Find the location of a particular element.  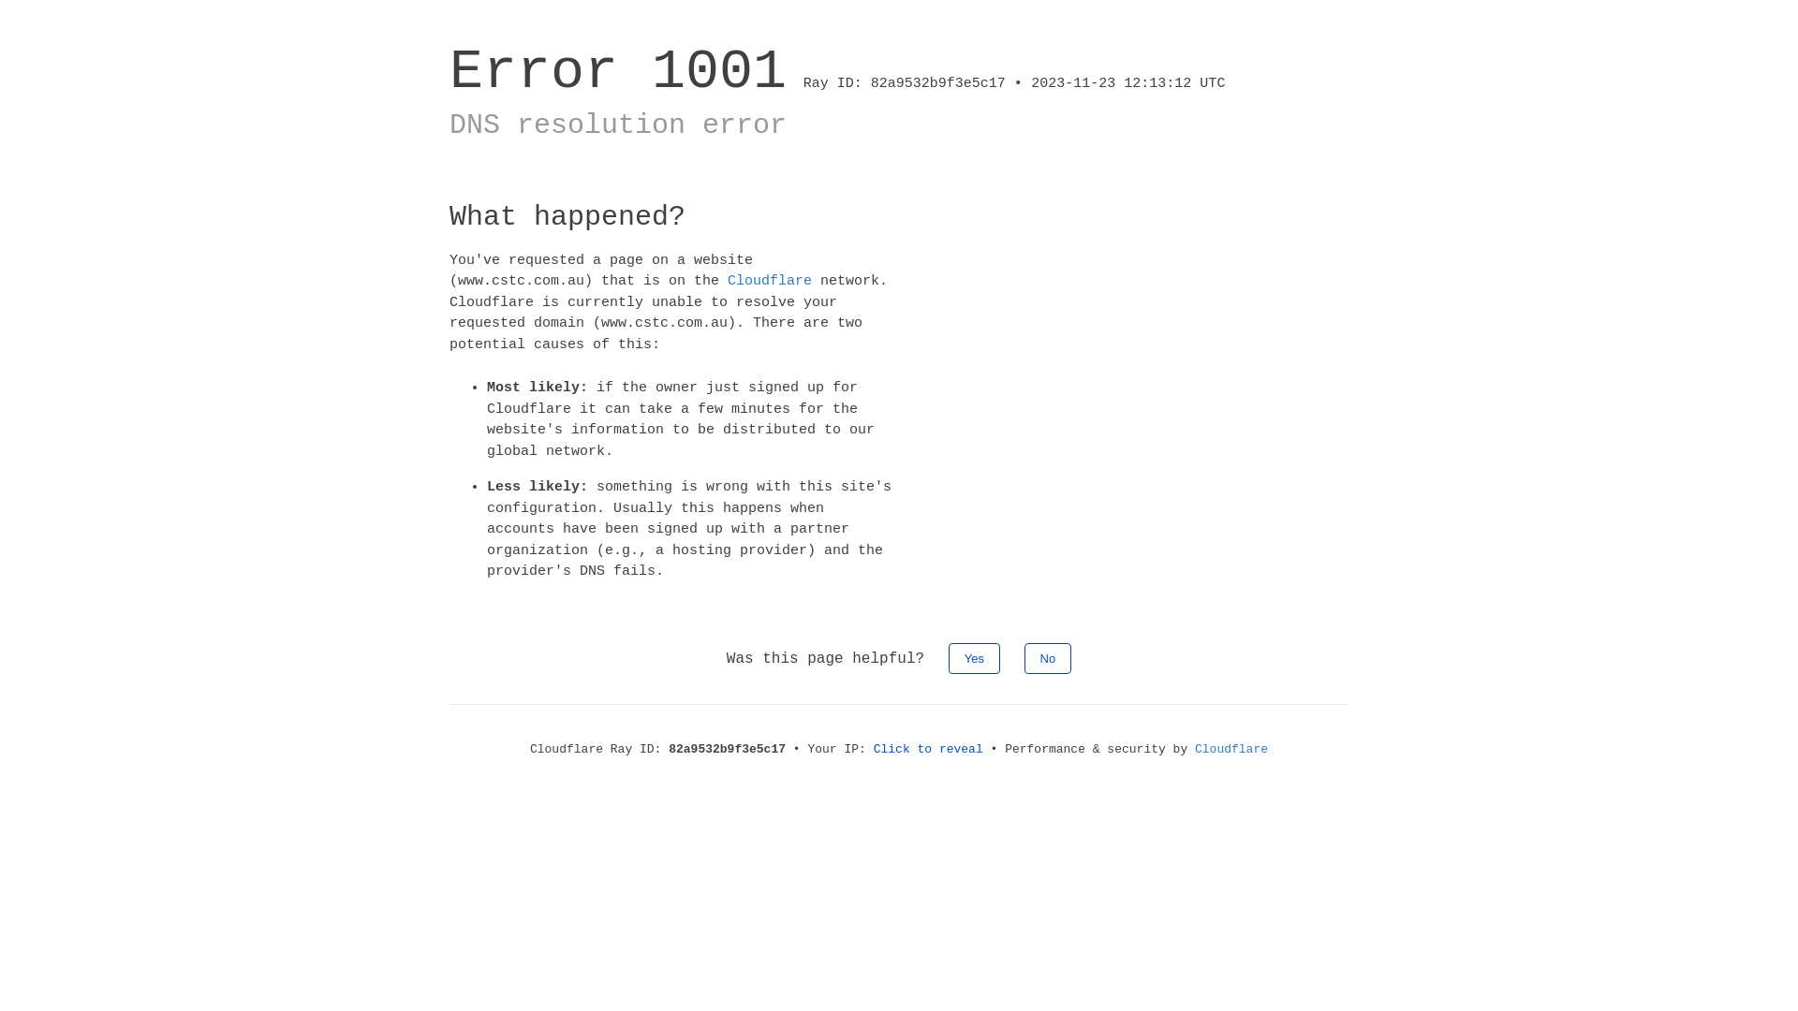

'No' is located at coordinates (1047, 656).